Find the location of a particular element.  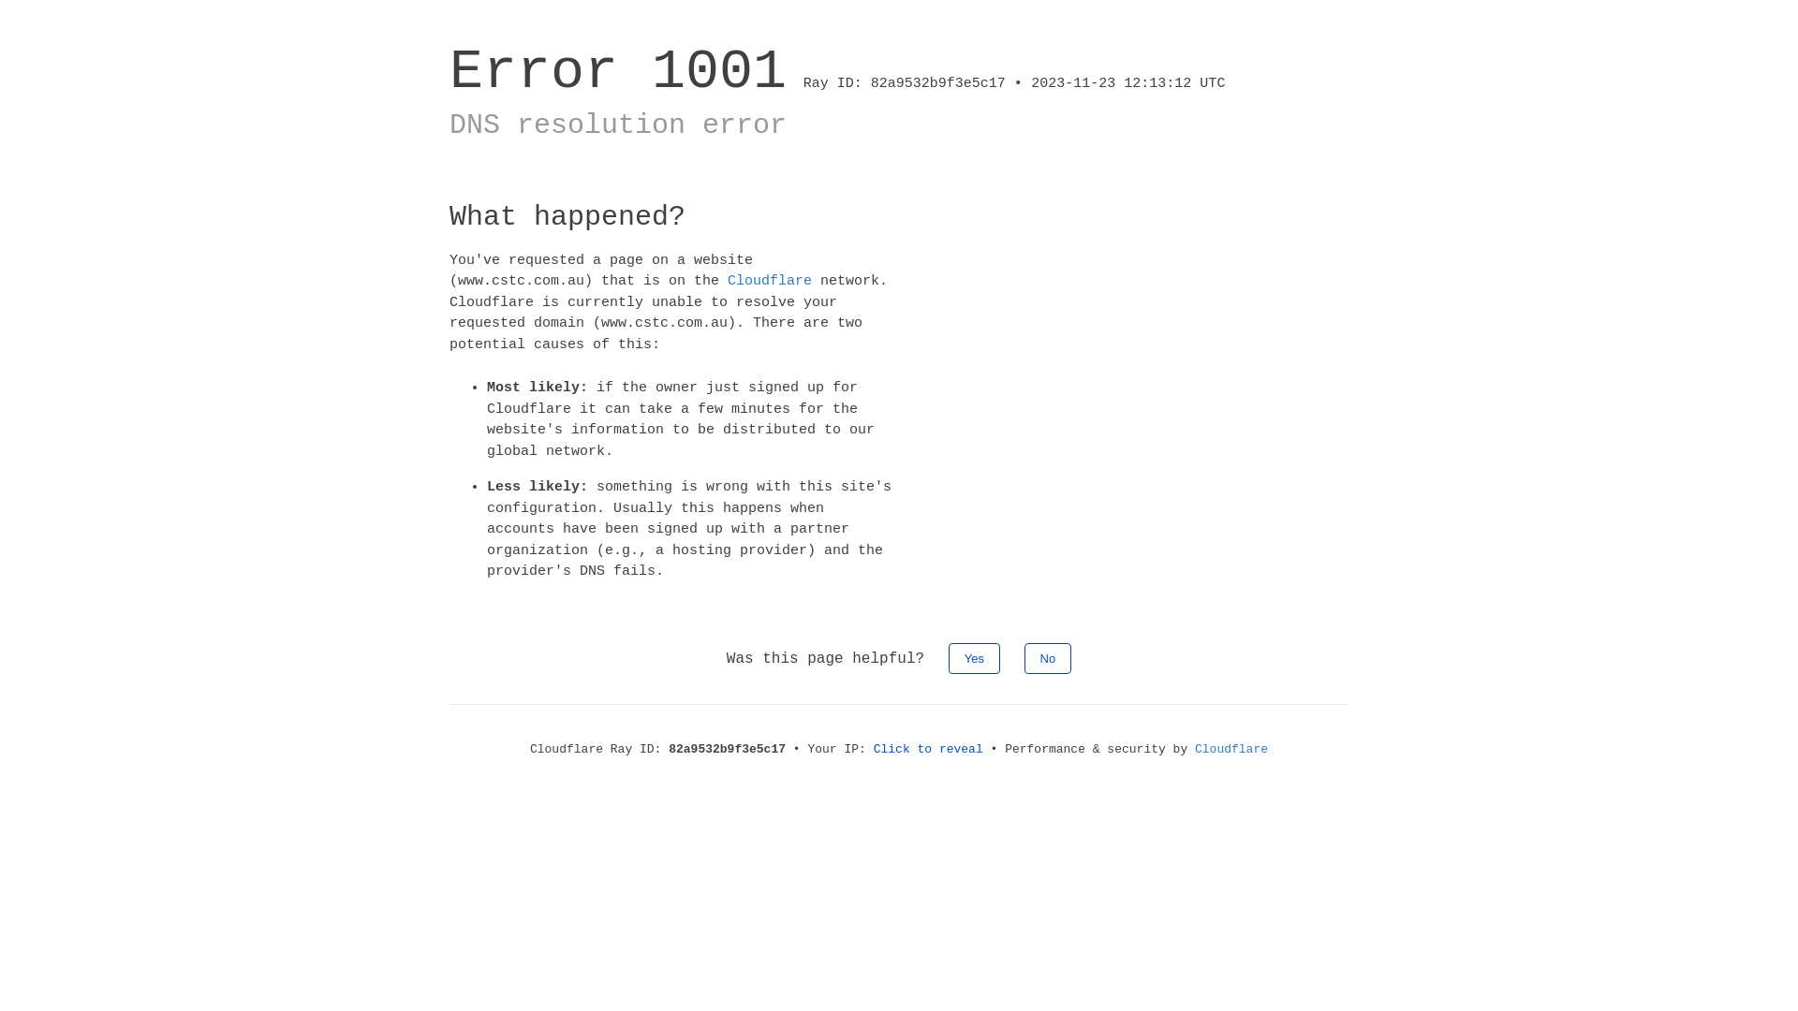

'No' is located at coordinates (1047, 656).